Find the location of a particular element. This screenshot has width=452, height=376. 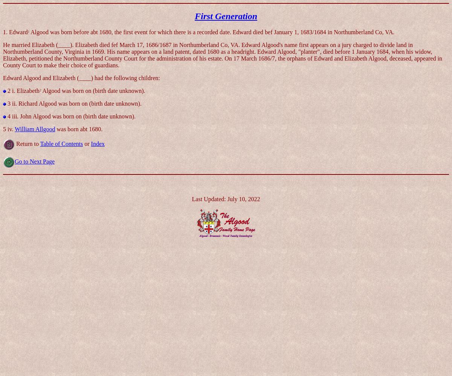

'Algood was born on (birth date unknown).' is located at coordinates (92, 90).